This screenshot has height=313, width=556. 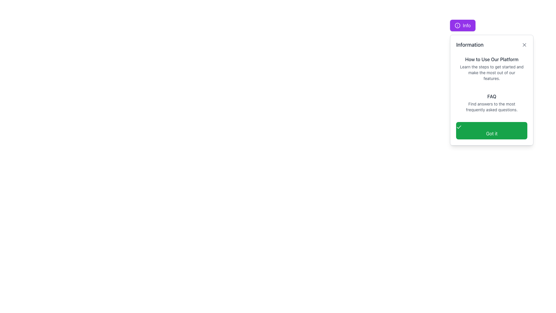 What do you see at coordinates (457, 25) in the screenshot?
I see `the SVG Circle Element representing an information or notification symbol, located at the top-left corner of the user interface` at bounding box center [457, 25].